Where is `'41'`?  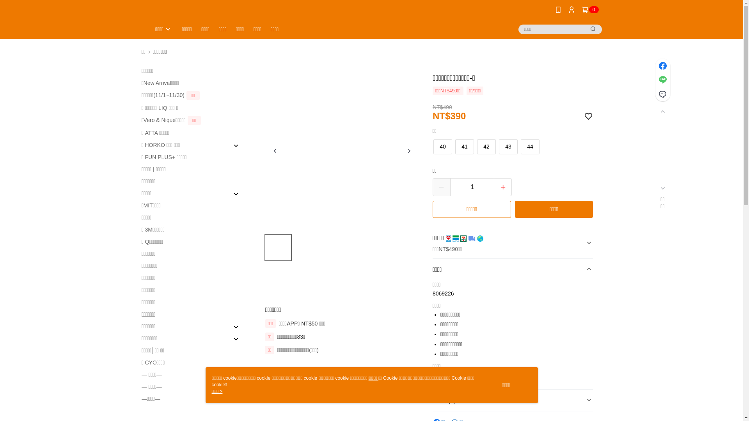
'41' is located at coordinates (455, 147).